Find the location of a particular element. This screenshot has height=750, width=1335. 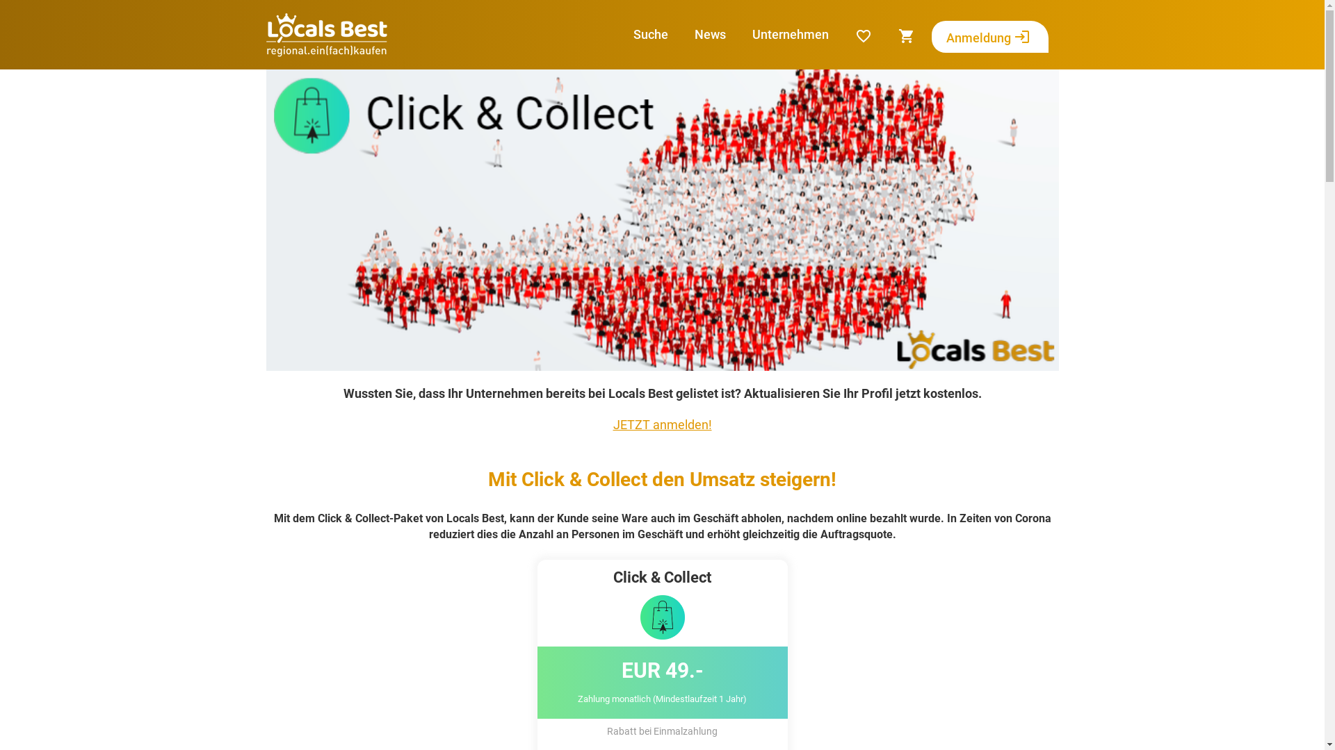

'Anmeldung login' is located at coordinates (991, 36).